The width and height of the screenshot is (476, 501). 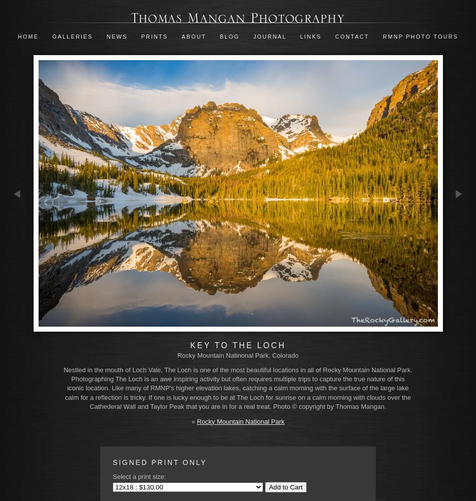 I want to click on 'Select a print size:', so click(x=138, y=476).